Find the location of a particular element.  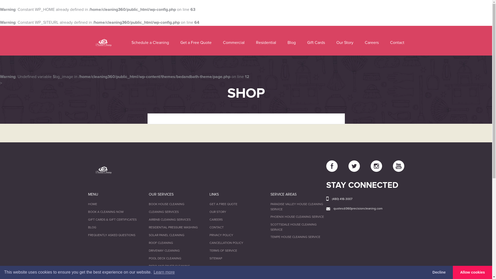

'AIRBNB CLEANING SERVICES' is located at coordinates (149, 220).